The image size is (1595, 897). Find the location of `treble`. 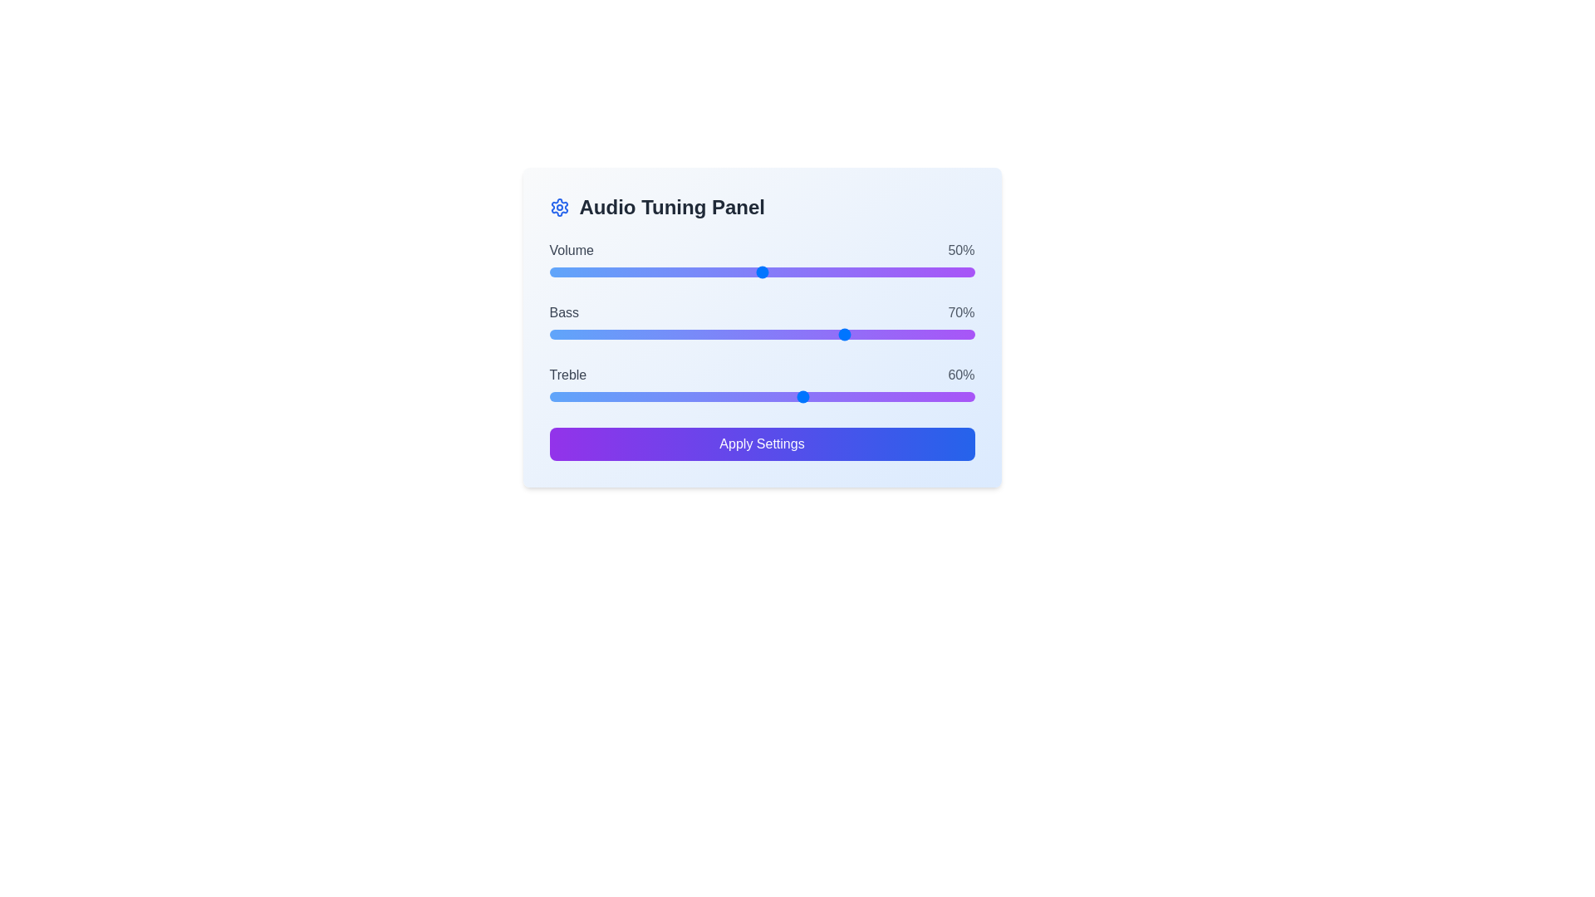

treble is located at coordinates (914, 397).